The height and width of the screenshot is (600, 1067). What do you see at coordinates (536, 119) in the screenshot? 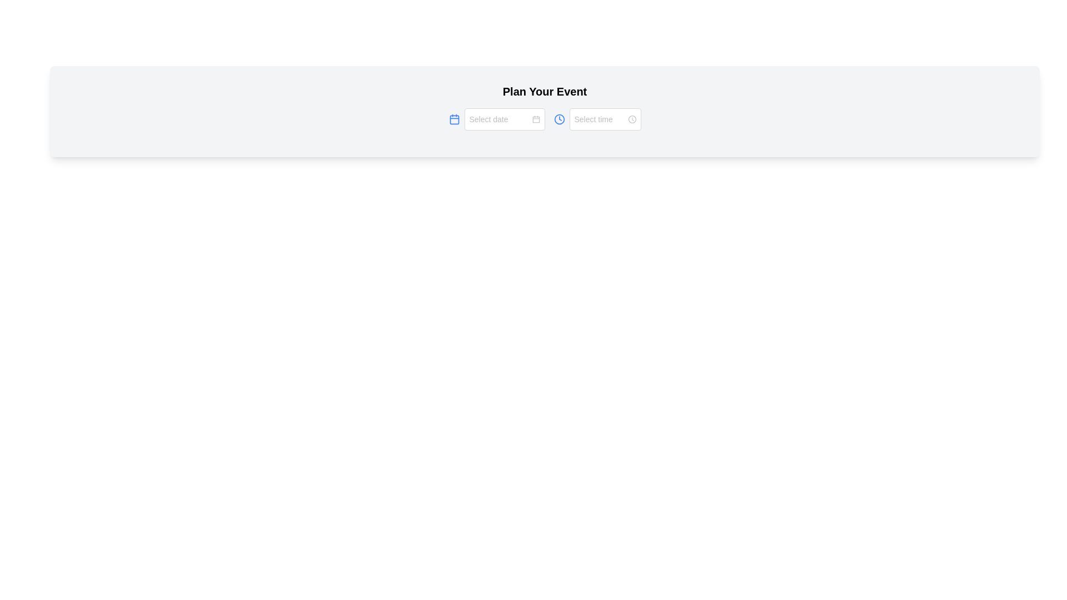
I see `the small gray calendar icon located to the right of the 'Select date' text field within the date-picker control` at bounding box center [536, 119].